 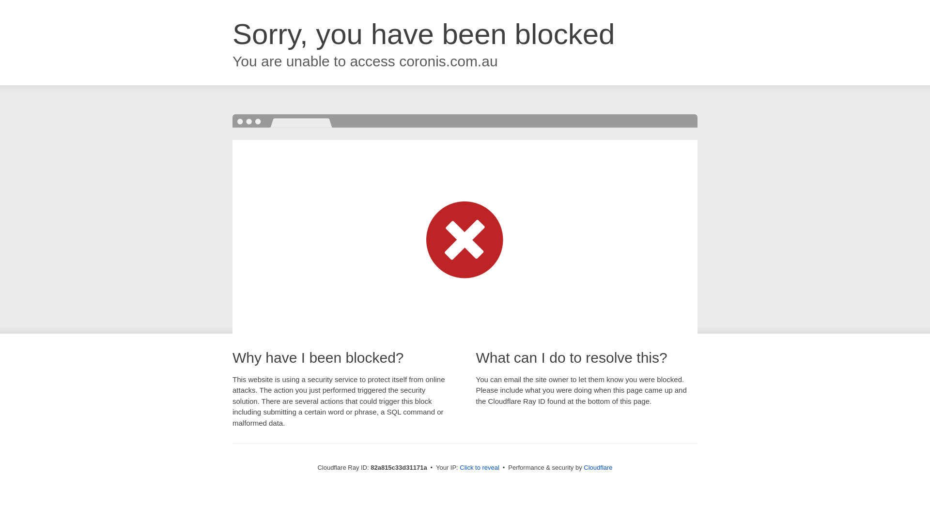 I want to click on 'Cloudflare', so click(x=597, y=467).